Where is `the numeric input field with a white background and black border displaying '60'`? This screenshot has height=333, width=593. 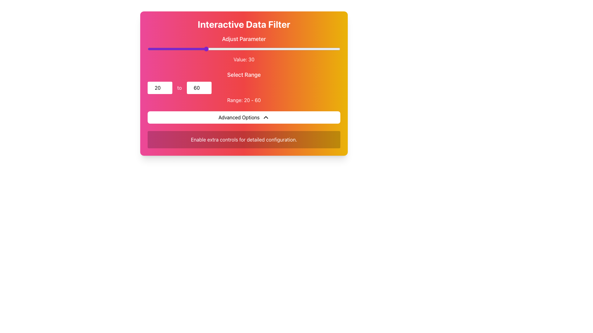 the numeric input field with a white background and black border displaying '60' is located at coordinates (199, 88).